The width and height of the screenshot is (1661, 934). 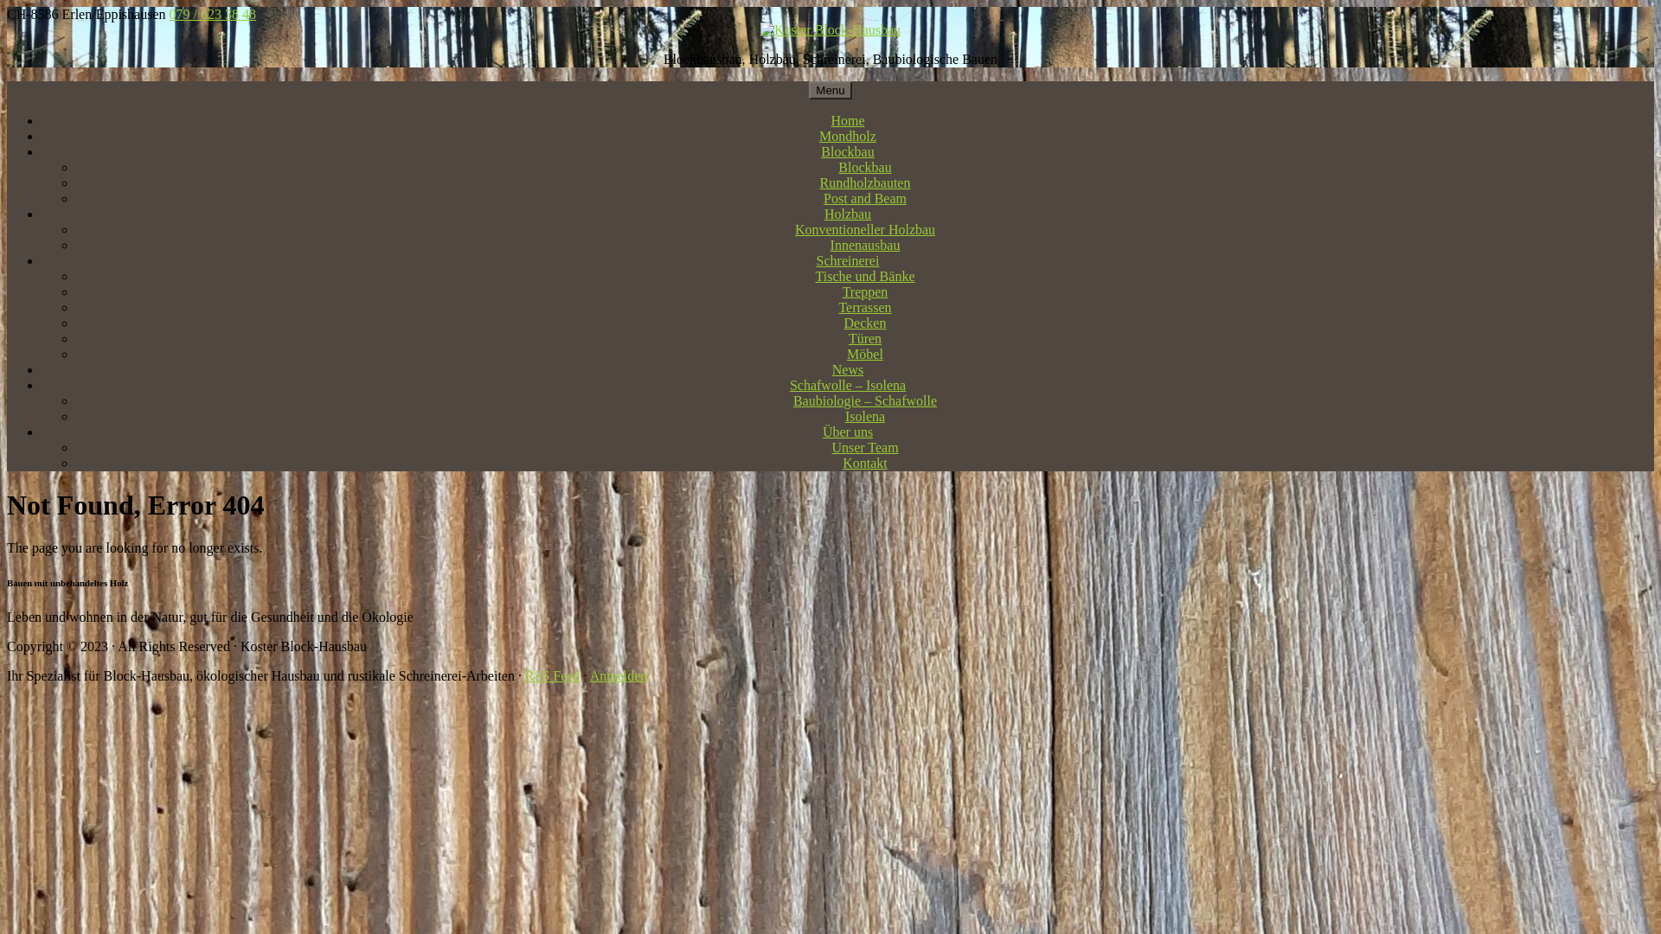 I want to click on 'Isolena', so click(x=864, y=416).